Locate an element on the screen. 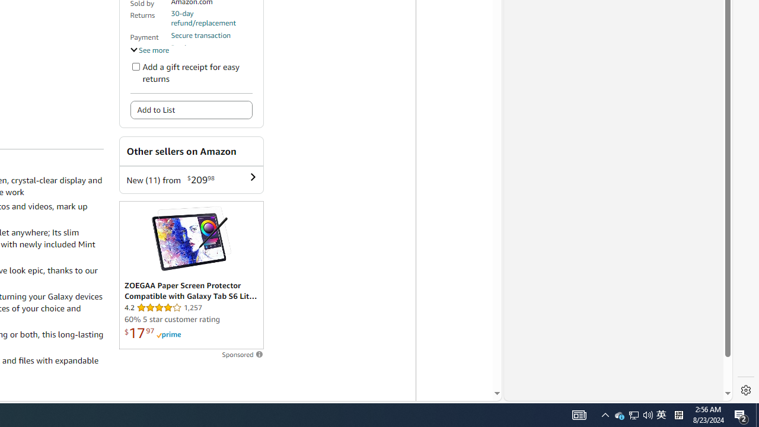 The height and width of the screenshot is (427, 759). 'Sponsored ad' is located at coordinates (191, 275).